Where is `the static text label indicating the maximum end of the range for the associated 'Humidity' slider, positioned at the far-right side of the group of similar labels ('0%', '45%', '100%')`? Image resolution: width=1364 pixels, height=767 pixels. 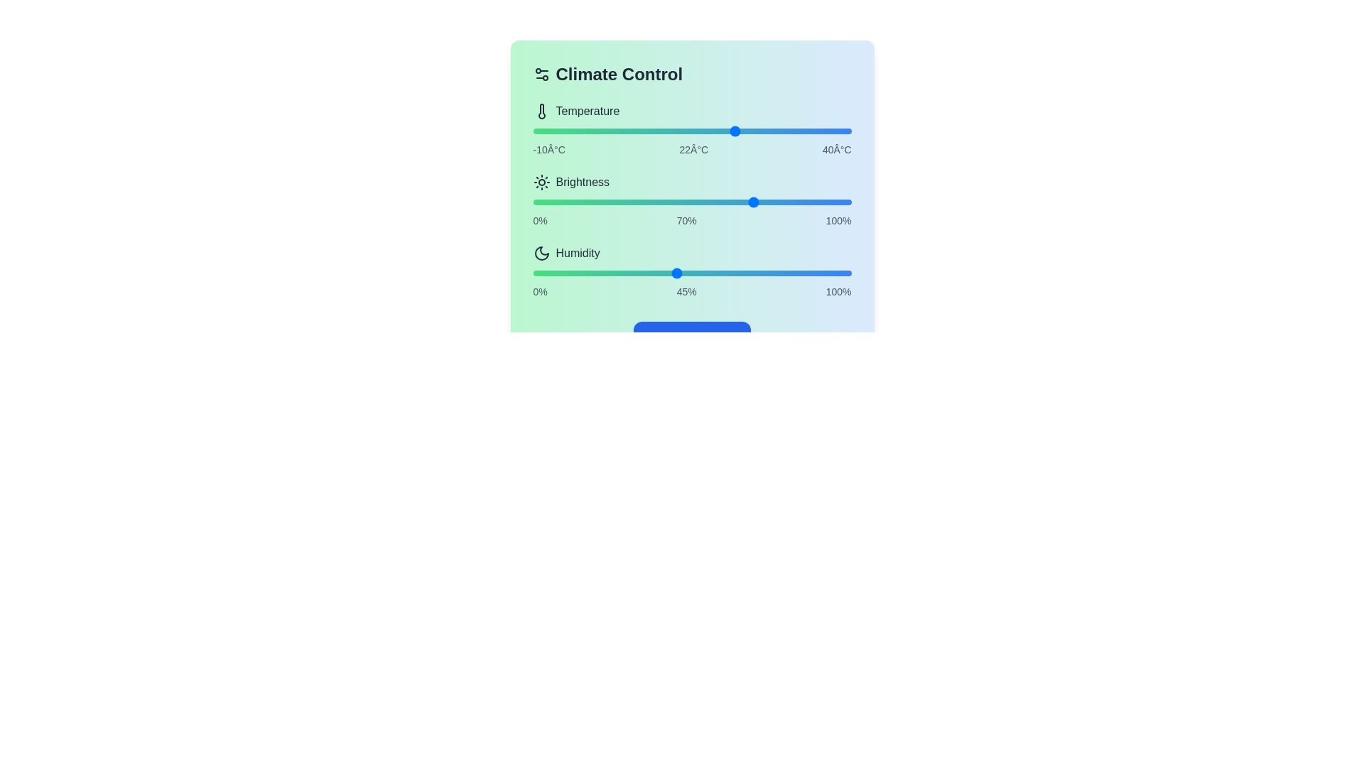 the static text label indicating the maximum end of the range for the associated 'Humidity' slider, positioned at the far-right side of the group of similar labels ('0%', '45%', '100%') is located at coordinates (838, 291).